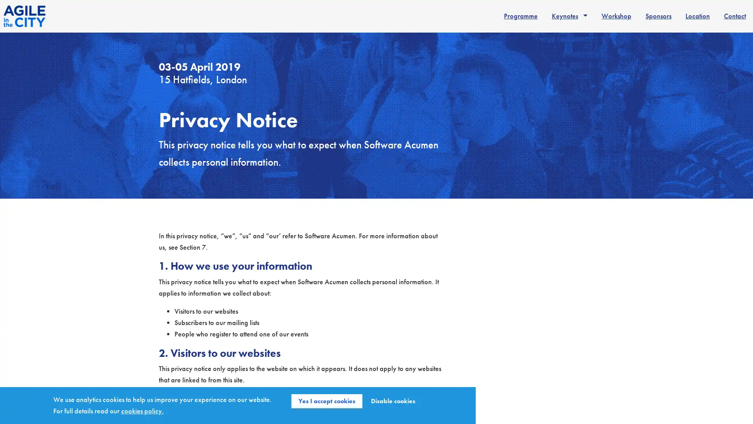 This screenshot has width=753, height=424. What do you see at coordinates (327, 401) in the screenshot?
I see `Yes I accept cookies` at bounding box center [327, 401].